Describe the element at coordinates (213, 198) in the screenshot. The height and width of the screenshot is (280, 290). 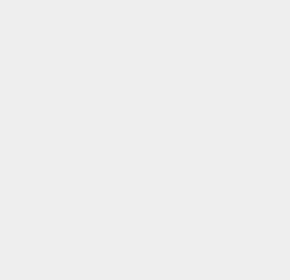
I see `'Computer'` at that location.